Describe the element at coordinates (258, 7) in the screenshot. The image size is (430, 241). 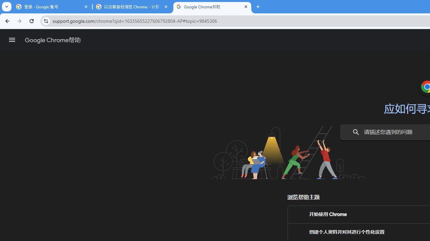
I see `'New Tab'` at that location.